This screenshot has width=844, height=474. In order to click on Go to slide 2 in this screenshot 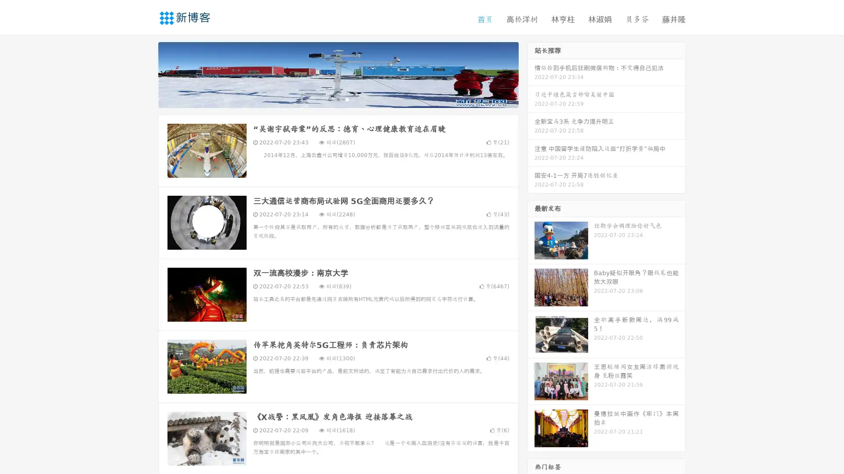, I will do `click(338, 99)`.